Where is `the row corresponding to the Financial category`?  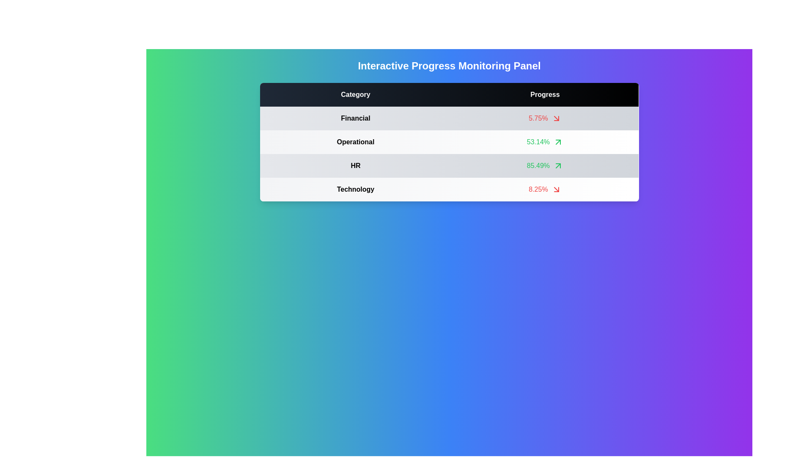 the row corresponding to the Financial category is located at coordinates (545, 118).